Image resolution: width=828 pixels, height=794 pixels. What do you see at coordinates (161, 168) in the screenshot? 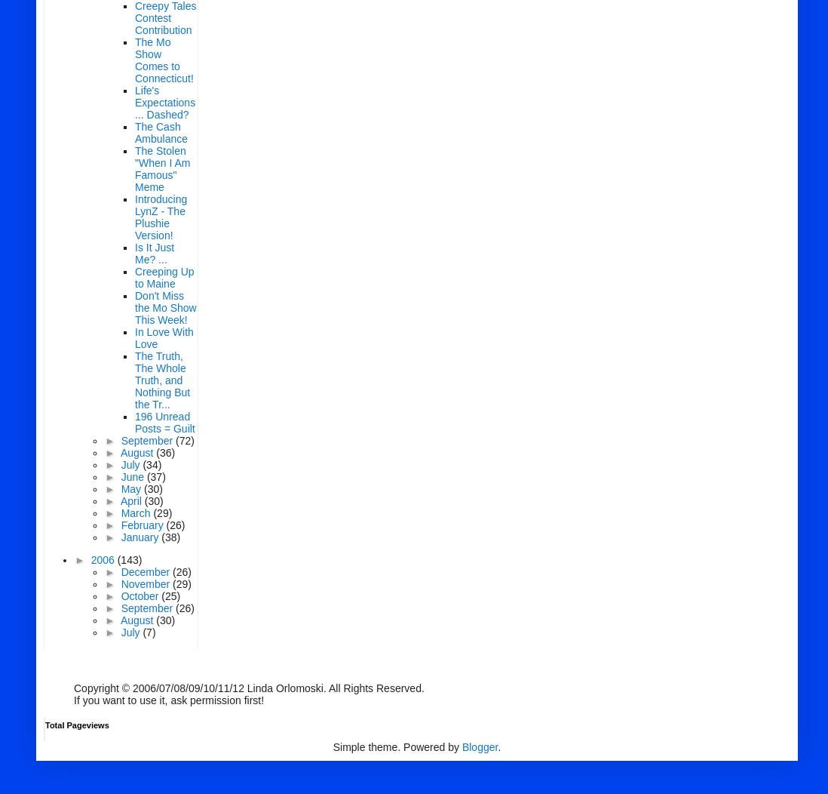
I see `'The Stolen "When I Am Famous" Meme'` at bounding box center [161, 168].